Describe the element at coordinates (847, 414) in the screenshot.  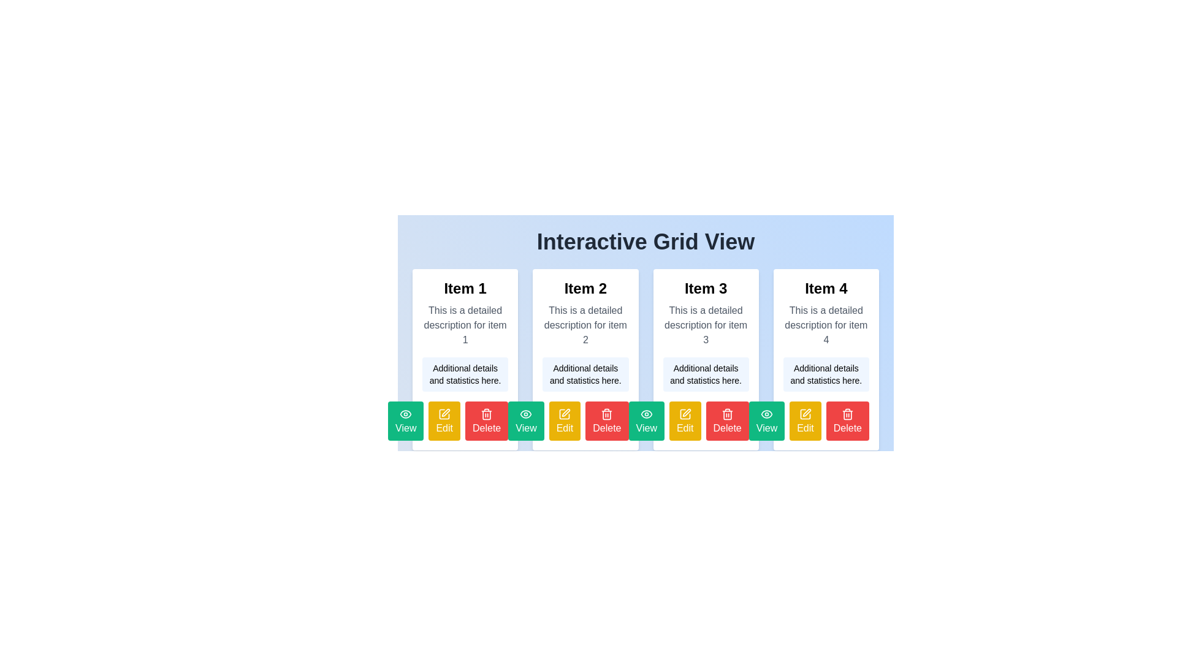
I see `the red trash can icon located to the left of the 'Delete' label in the action bar for 'Item 3'` at that location.